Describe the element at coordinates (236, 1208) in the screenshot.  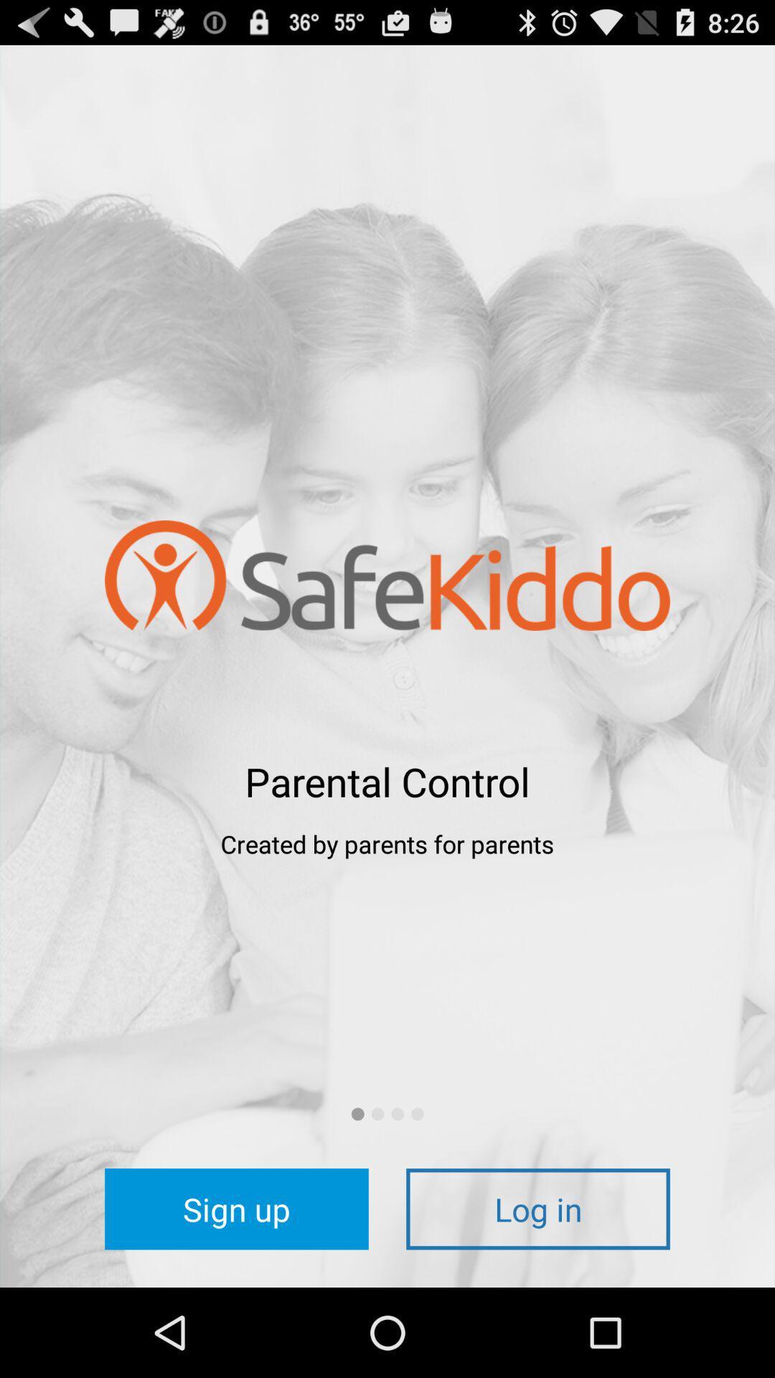
I see `icon at the bottom left corner` at that location.